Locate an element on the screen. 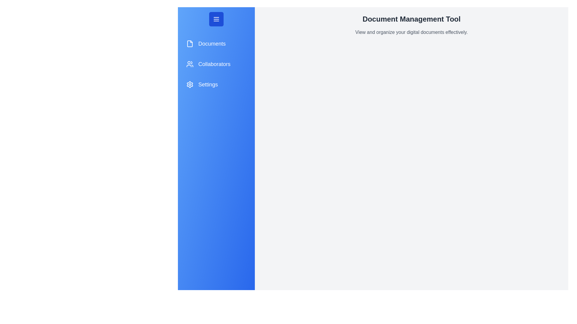  the 'Collaborators' navigation item to access the Collaborators section is located at coordinates (216, 64).